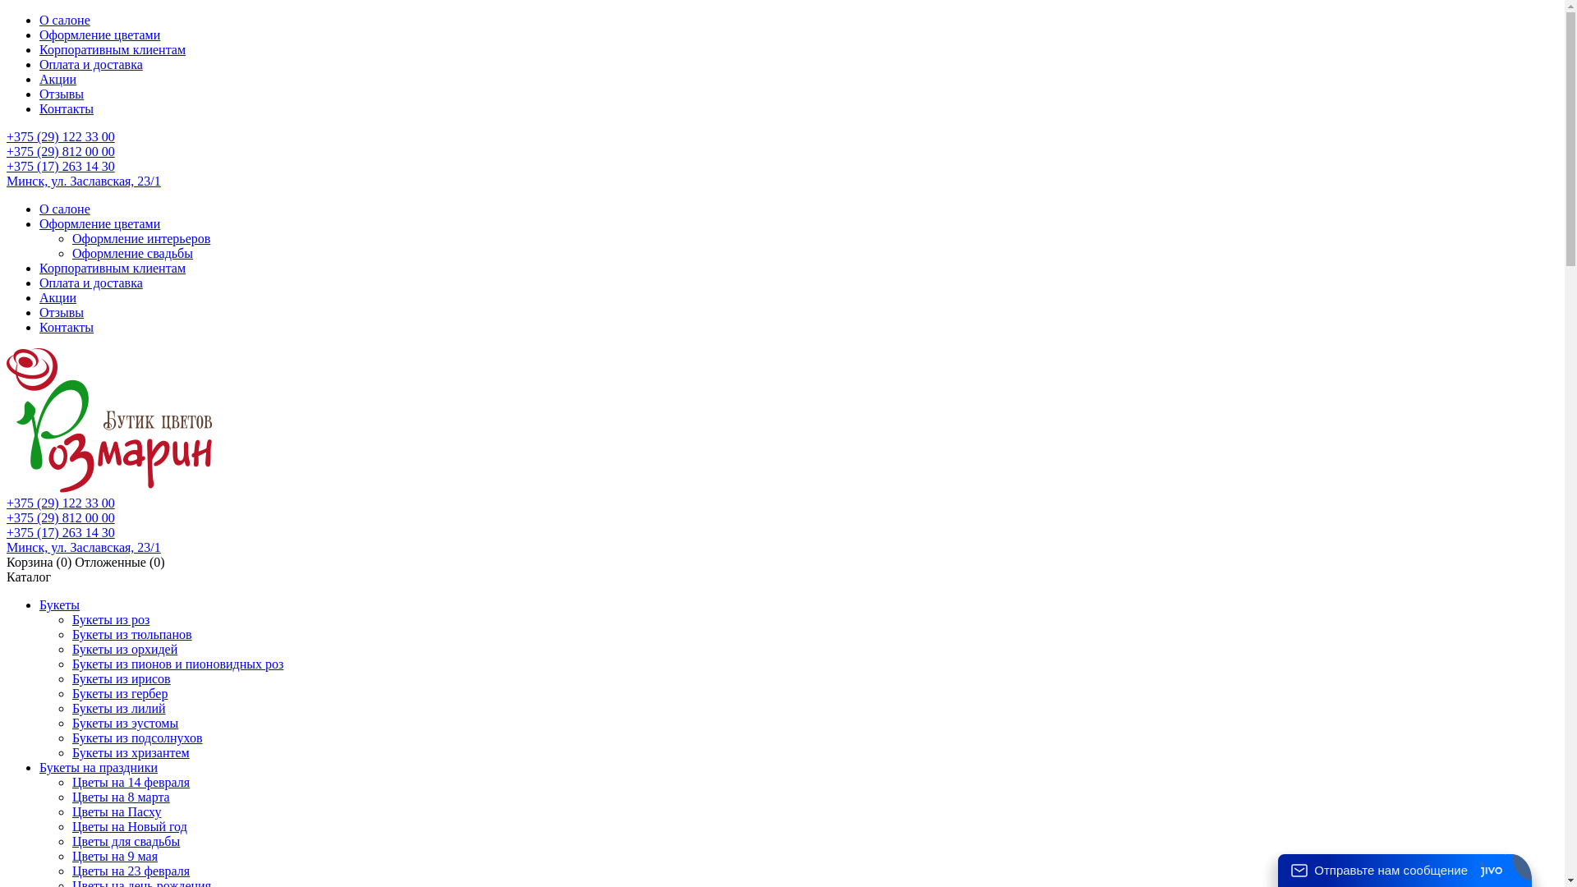  What do you see at coordinates (60, 136) in the screenshot?
I see `'+375 (29) 122 33 00'` at bounding box center [60, 136].